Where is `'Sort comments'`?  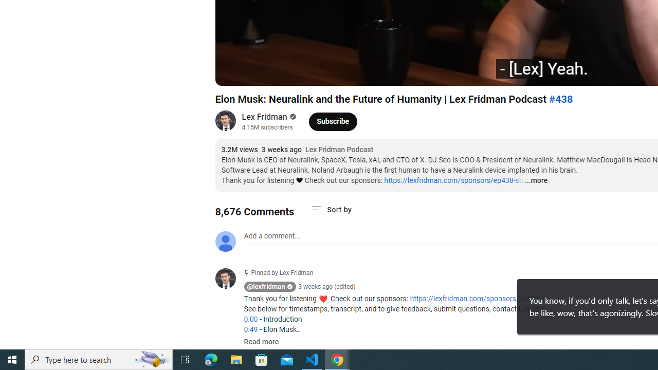
'Sort comments' is located at coordinates (331, 209).